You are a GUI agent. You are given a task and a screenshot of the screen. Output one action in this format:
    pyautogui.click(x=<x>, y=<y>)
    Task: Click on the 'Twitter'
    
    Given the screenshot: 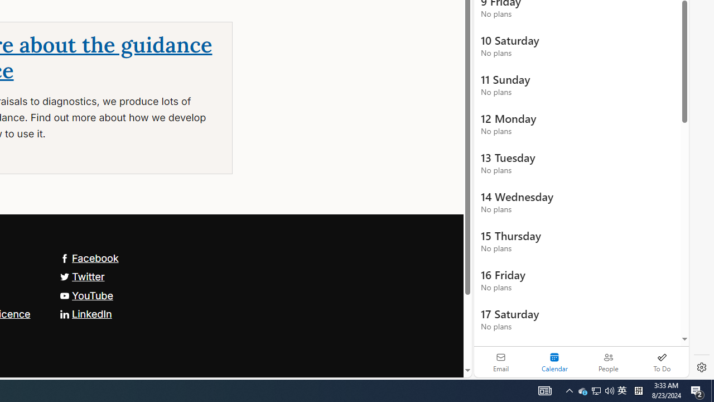 What is the action you would take?
    pyautogui.click(x=81, y=276)
    